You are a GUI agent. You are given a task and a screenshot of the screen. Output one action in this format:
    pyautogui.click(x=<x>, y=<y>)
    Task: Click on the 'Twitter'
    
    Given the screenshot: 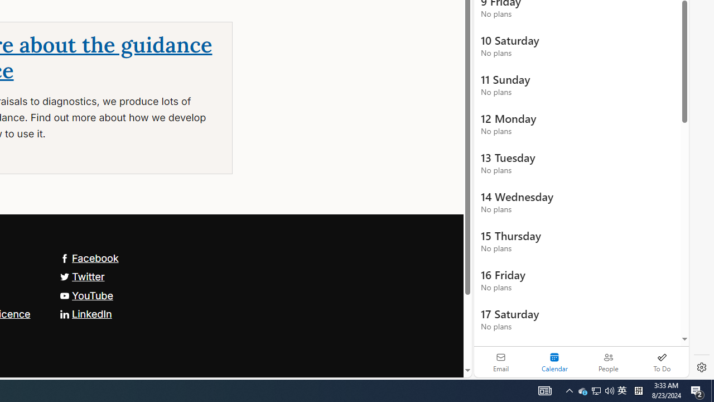 What is the action you would take?
    pyautogui.click(x=81, y=276)
    